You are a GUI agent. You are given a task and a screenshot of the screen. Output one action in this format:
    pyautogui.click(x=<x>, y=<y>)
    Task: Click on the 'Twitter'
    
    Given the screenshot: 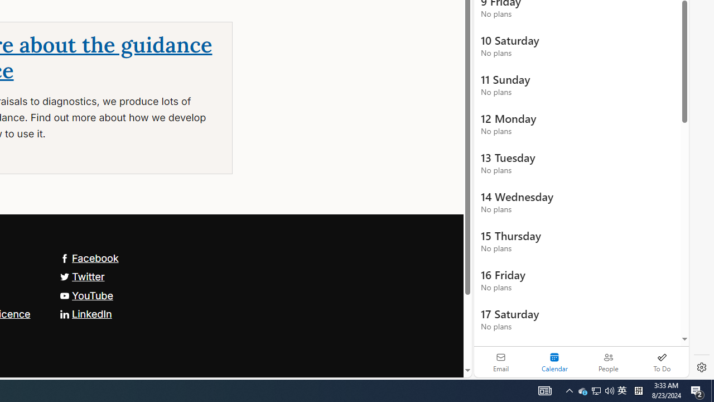 What is the action you would take?
    pyautogui.click(x=81, y=276)
    